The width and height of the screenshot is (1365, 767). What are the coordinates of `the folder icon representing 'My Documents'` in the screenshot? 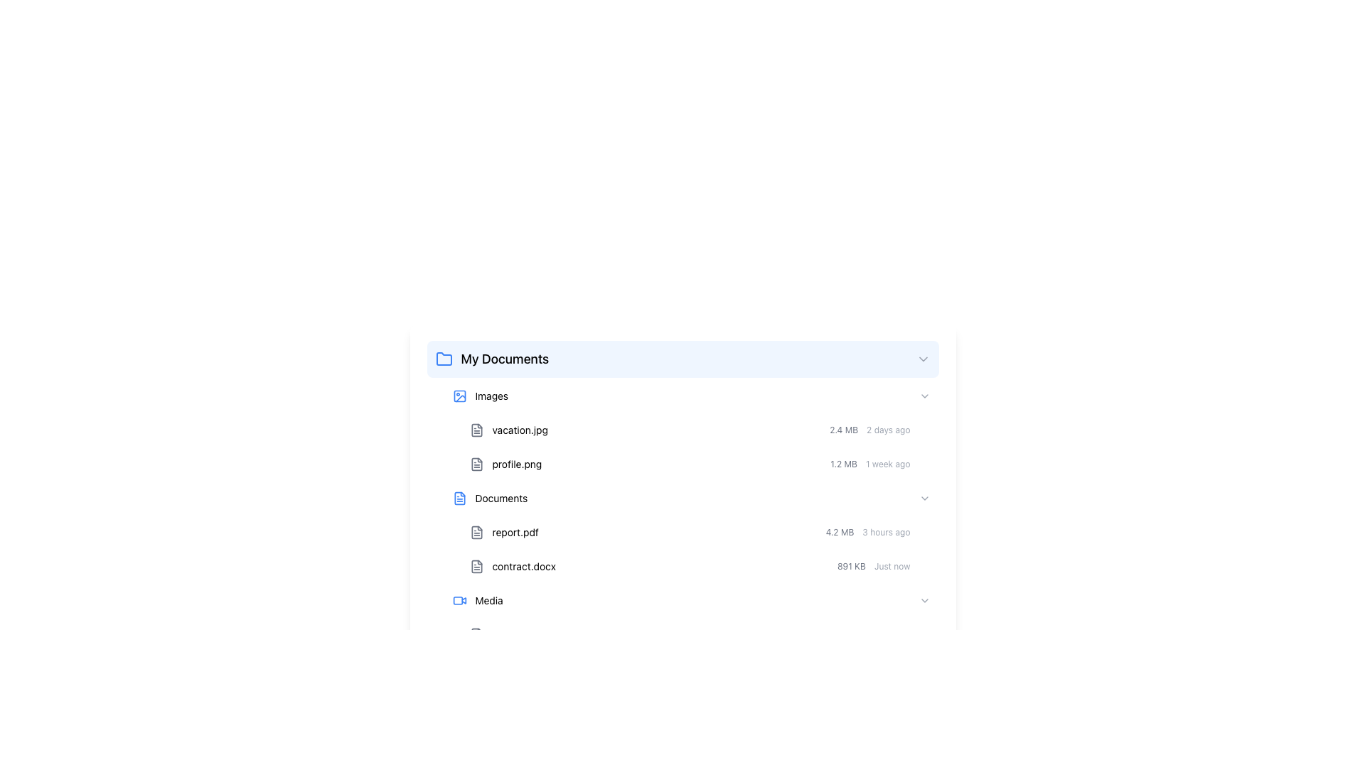 It's located at (443, 358).